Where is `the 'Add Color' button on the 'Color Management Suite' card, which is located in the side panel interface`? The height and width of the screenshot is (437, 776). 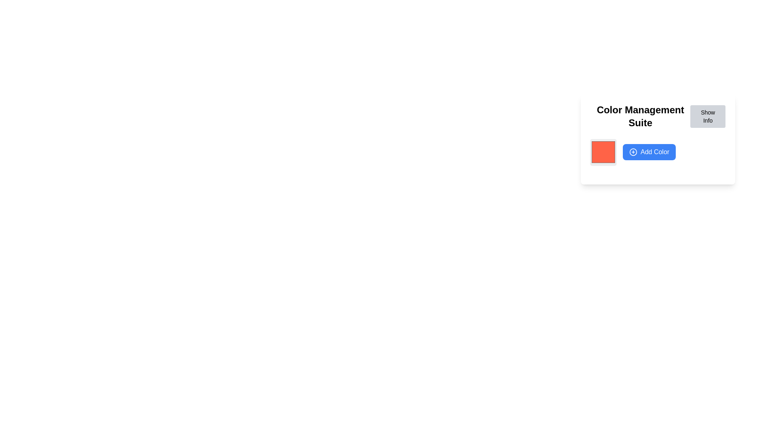
the 'Add Color' button on the 'Color Management Suite' card, which is located in the side panel interface is located at coordinates (658, 138).